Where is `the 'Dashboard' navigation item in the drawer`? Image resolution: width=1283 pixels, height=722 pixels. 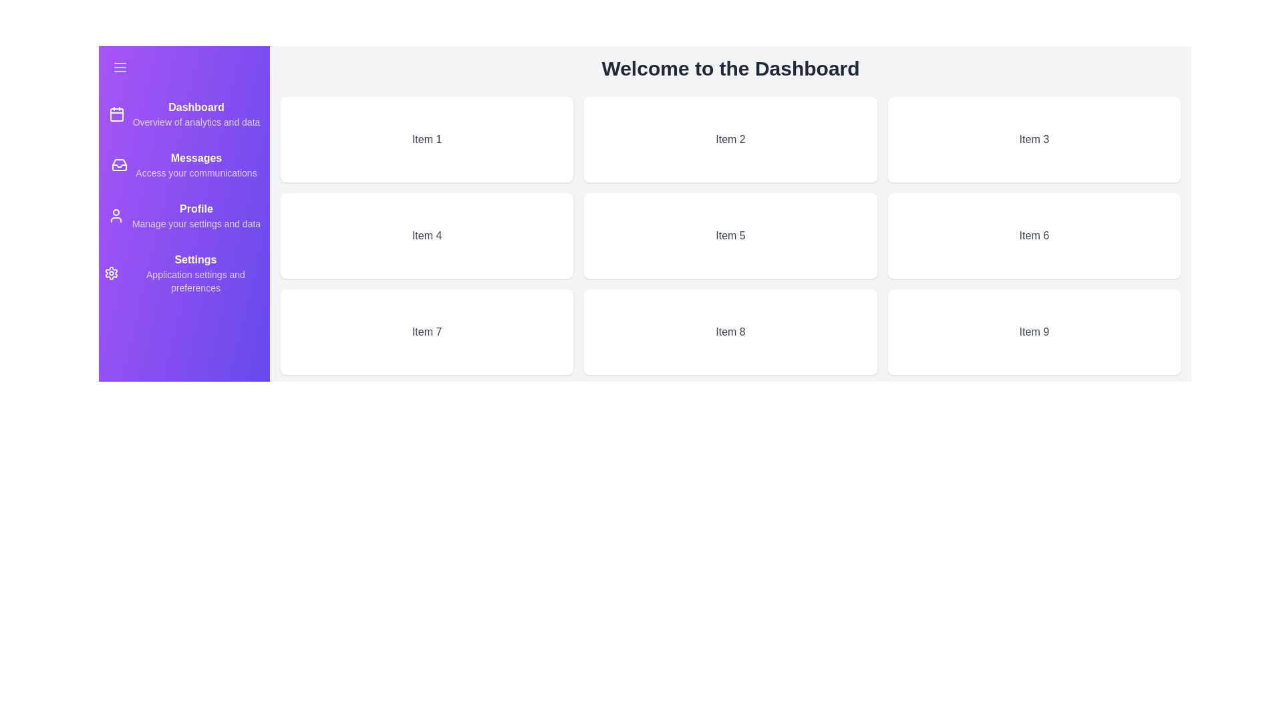 the 'Dashboard' navigation item in the drawer is located at coordinates (195, 107).